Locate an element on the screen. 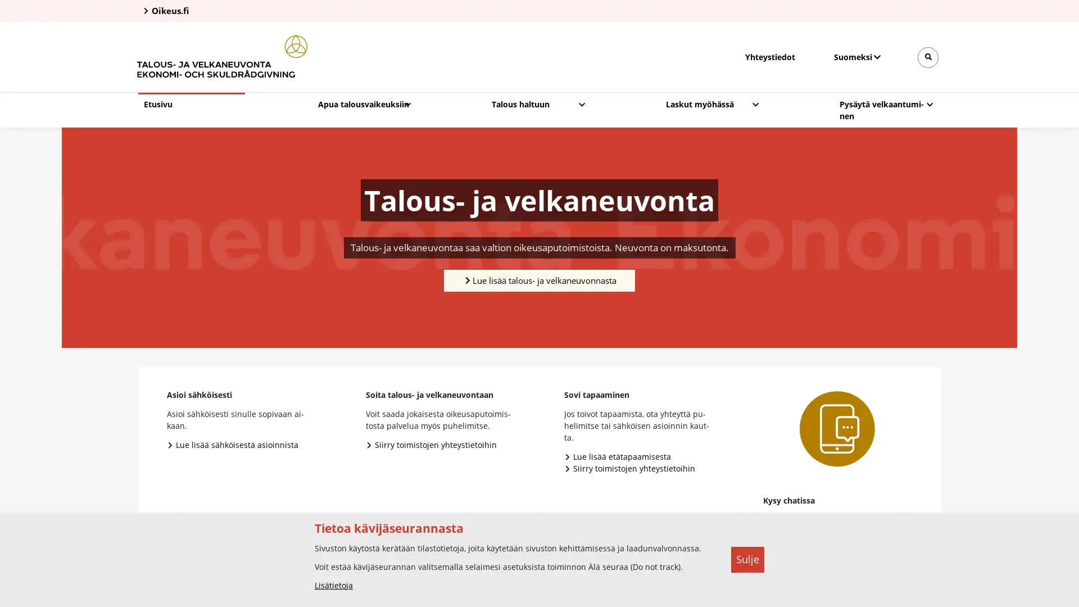 The width and height of the screenshot is (1079, 607). Sulje is located at coordinates (747, 559).